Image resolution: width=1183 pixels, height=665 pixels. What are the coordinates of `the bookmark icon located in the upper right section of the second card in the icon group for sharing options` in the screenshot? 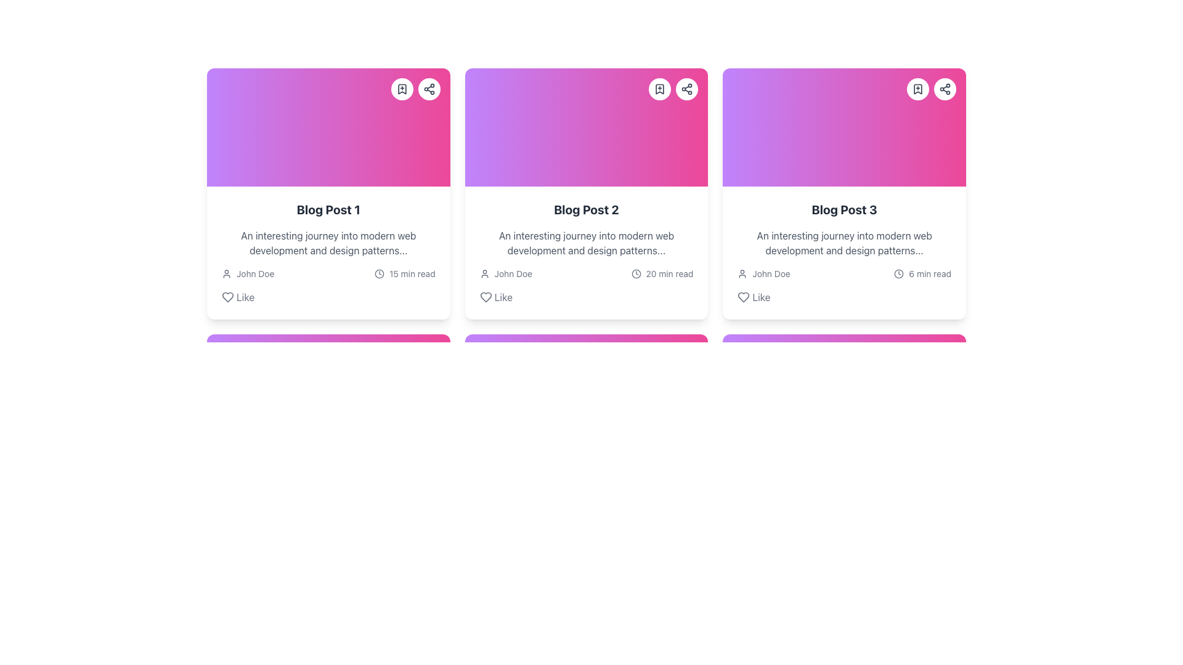 It's located at (659, 89).